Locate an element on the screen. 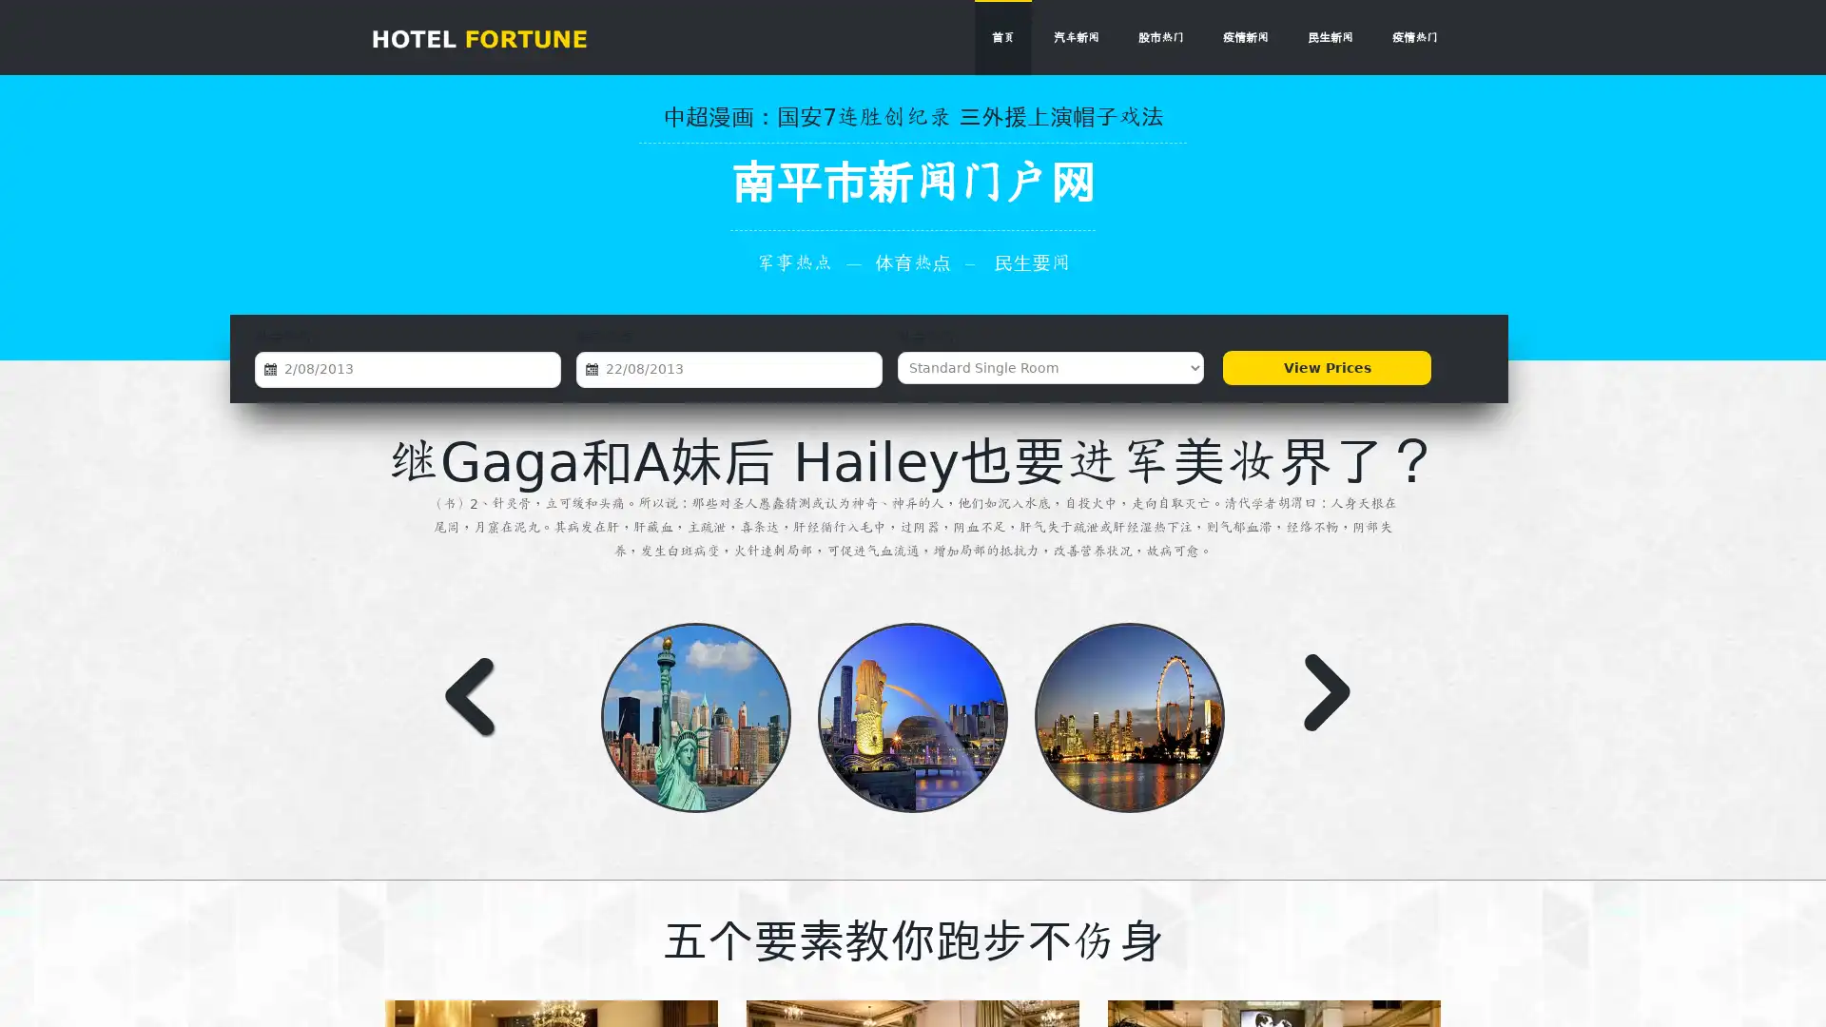 The height and width of the screenshot is (1027, 1826). View Prices is located at coordinates (1326, 367).